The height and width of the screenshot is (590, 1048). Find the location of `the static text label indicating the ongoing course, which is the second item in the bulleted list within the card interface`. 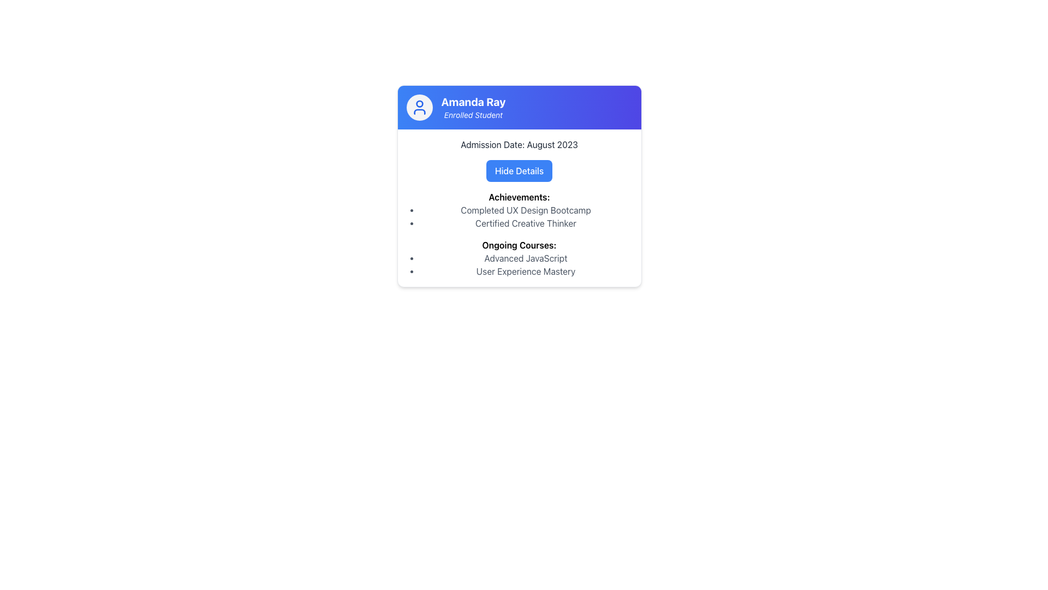

the static text label indicating the ongoing course, which is the second item in the bulleted list within the card interface is located at coordinates (526, 271).